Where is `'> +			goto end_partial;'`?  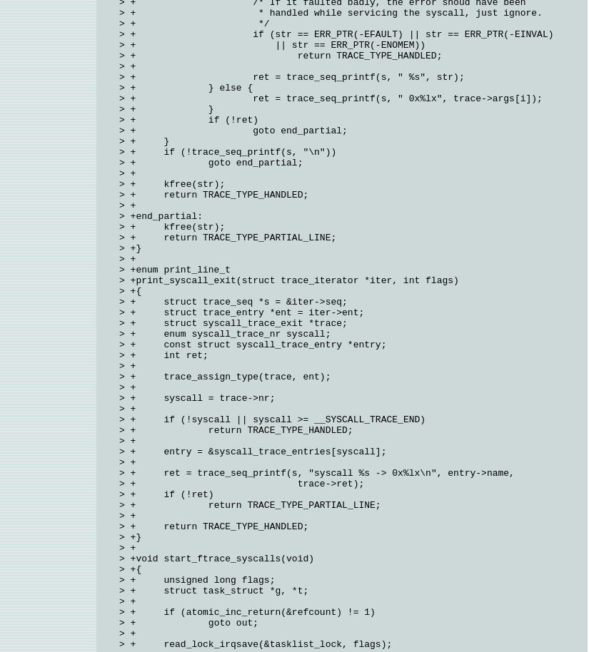
'> +			goto end_partial;' is located at coordinates (119, 131).